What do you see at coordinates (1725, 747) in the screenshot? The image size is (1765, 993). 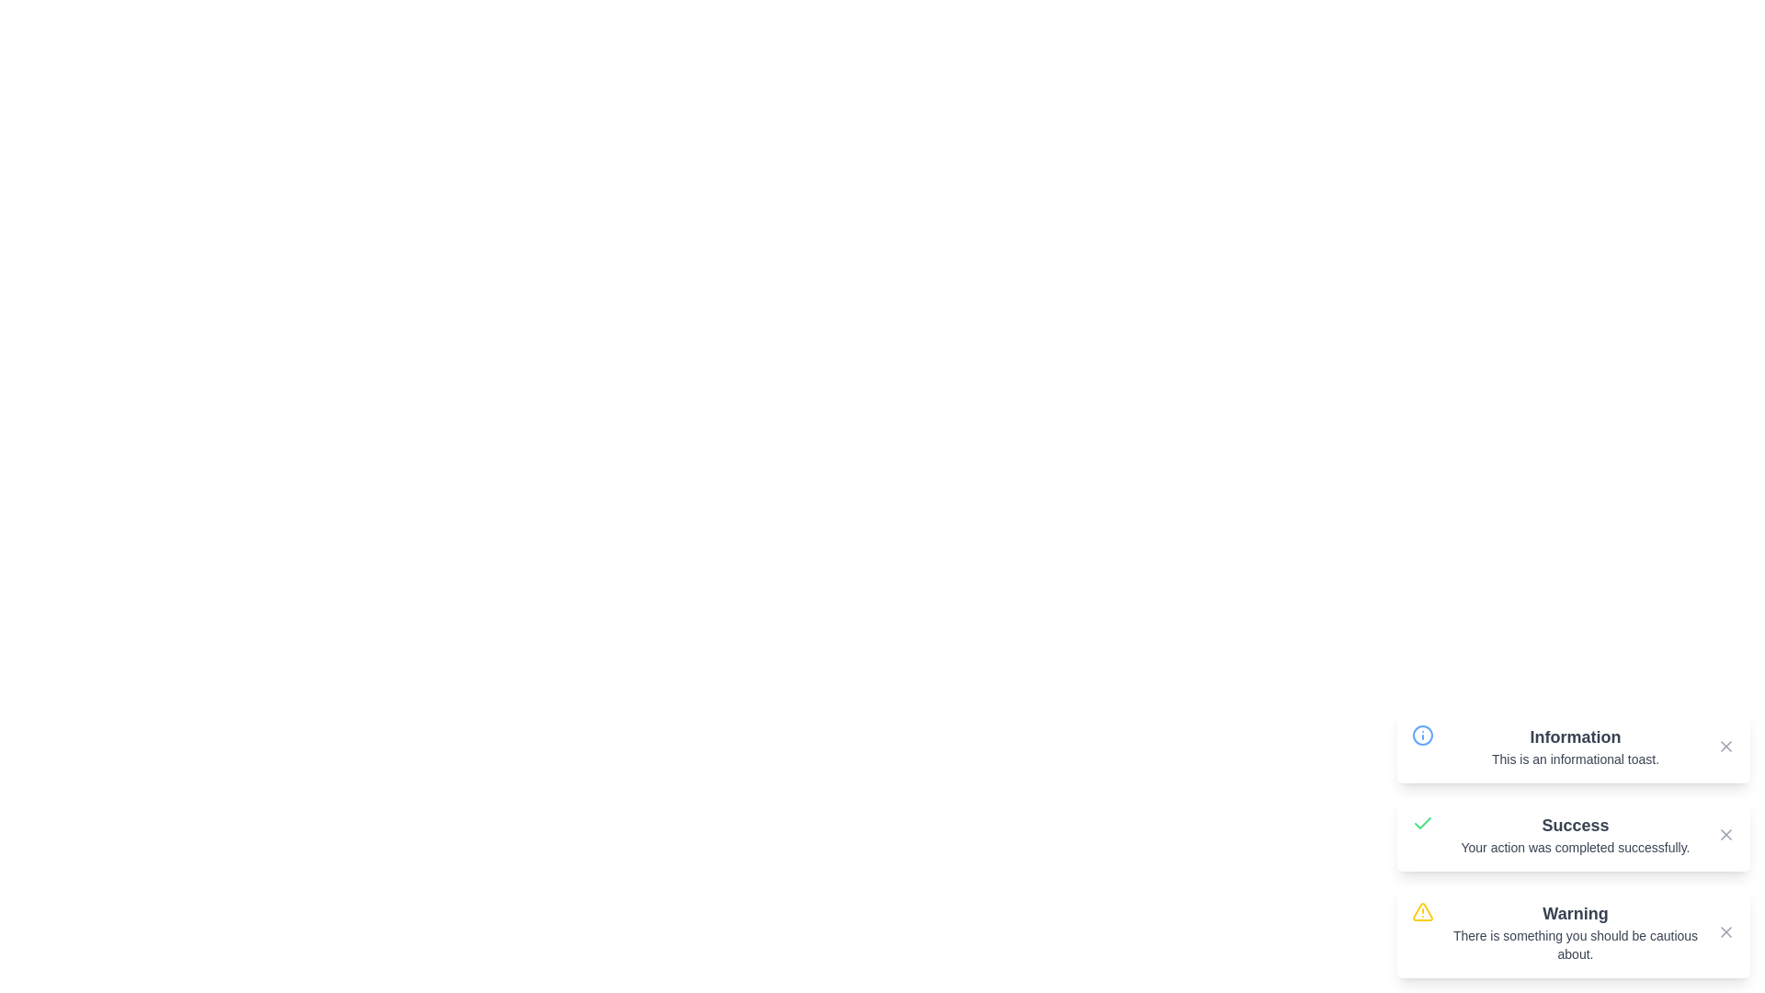 I see `the cross-shaped Close button located in the top-right corner of the Information toast message` at bounding box center [1725, 747].